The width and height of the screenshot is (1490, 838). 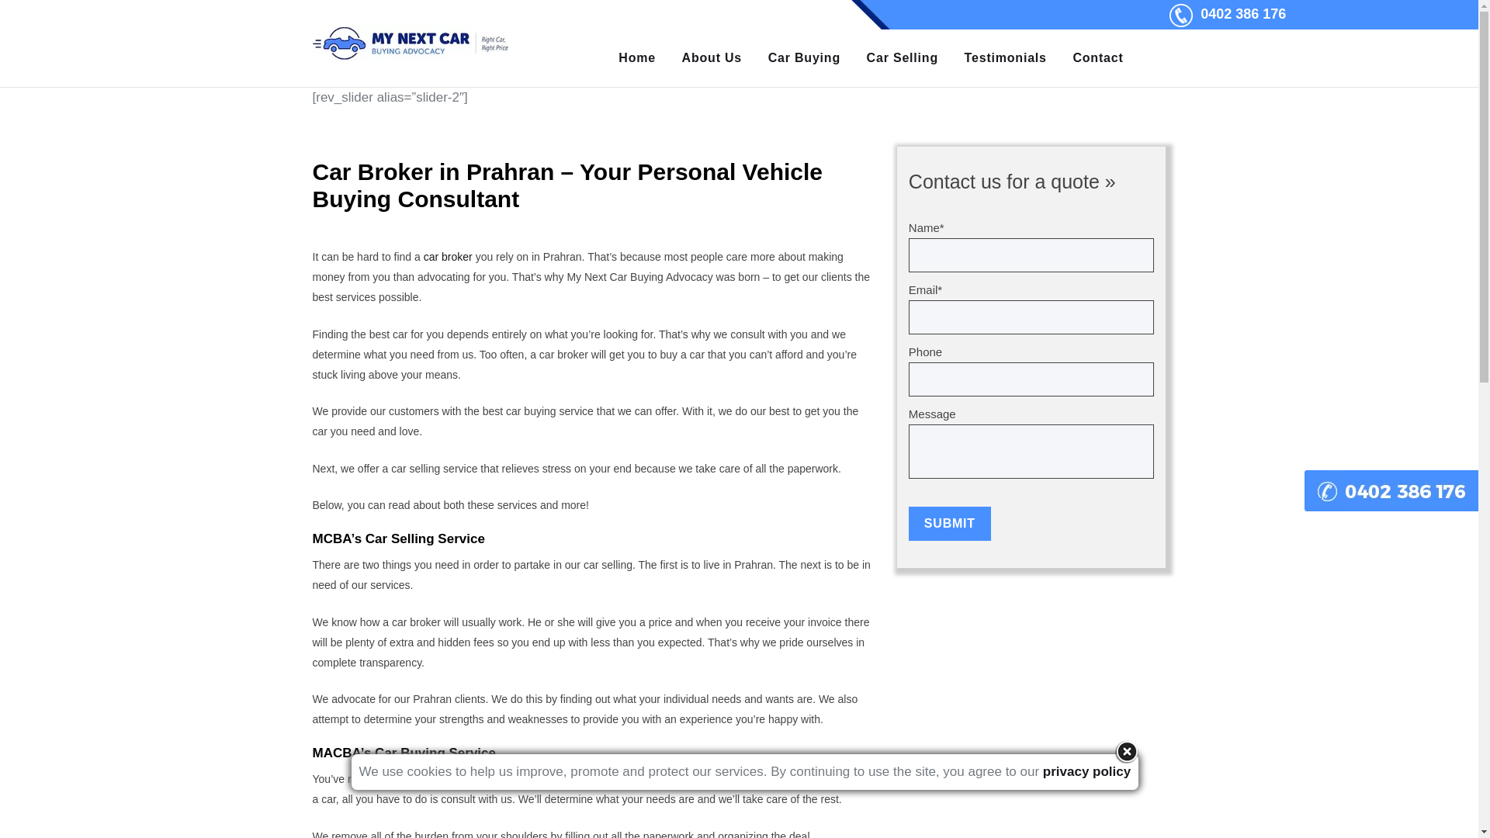 What do you see at coordinates (1243, 14) in the screenshot?
I see `'0402 386 176'` at bounding box center [1243, 14].